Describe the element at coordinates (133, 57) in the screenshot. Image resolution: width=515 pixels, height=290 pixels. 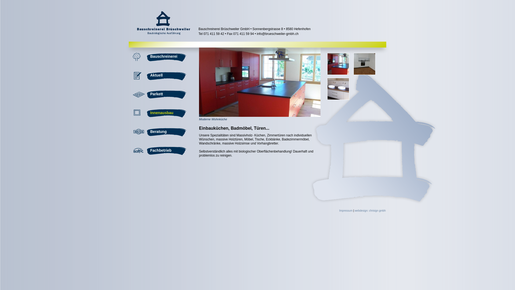
I see `'Bauschreinerei'` at that location.